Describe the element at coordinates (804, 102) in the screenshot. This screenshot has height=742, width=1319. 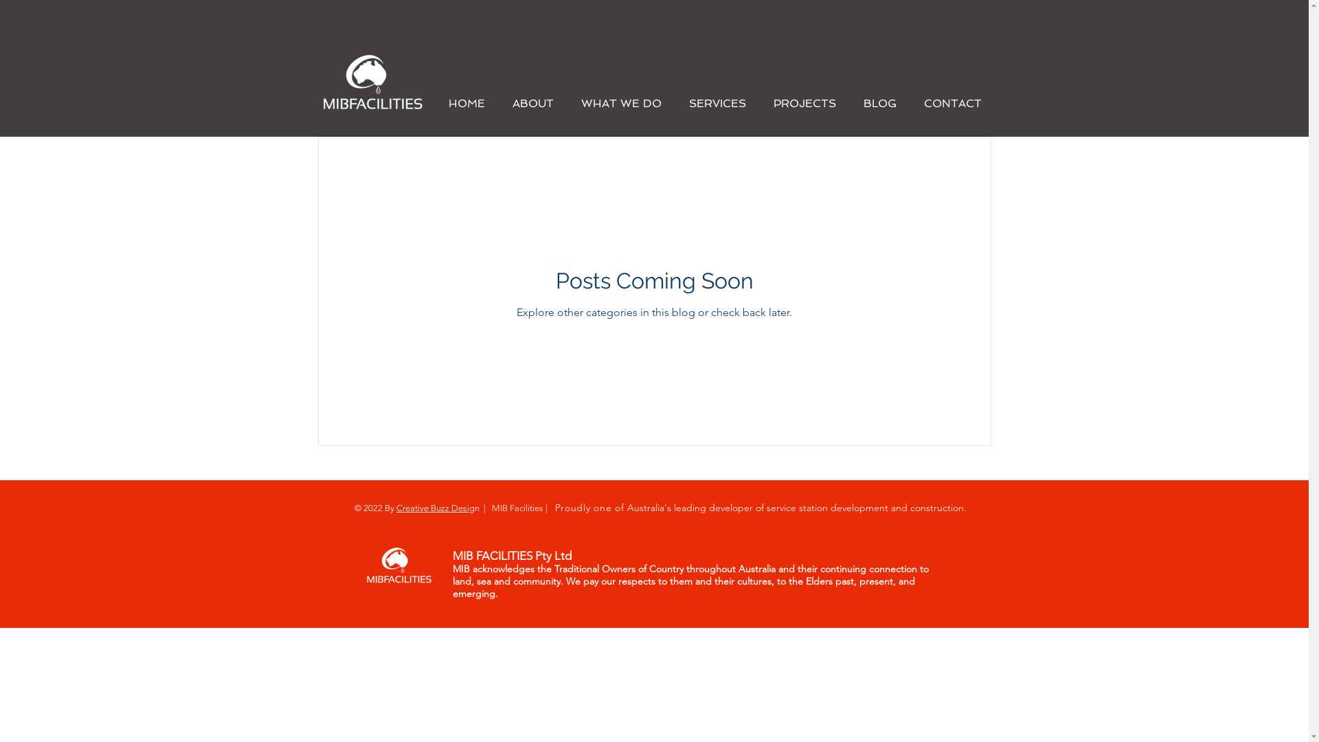
I see `'PROJECTS'` at that location.